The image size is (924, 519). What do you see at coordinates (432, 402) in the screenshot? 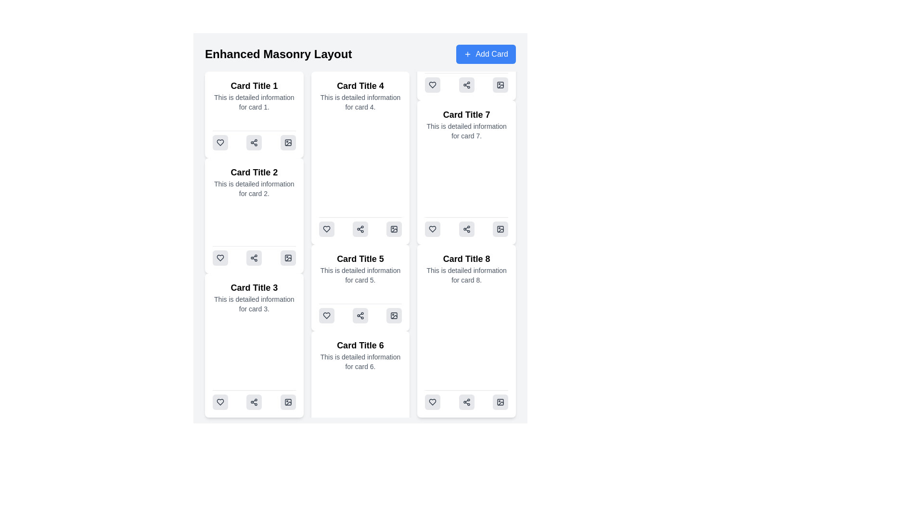
I see `the heart-shaped icon button located in the bottom-left section of the card labeled 'Card Title 8'` at bounding box center [432, 402].